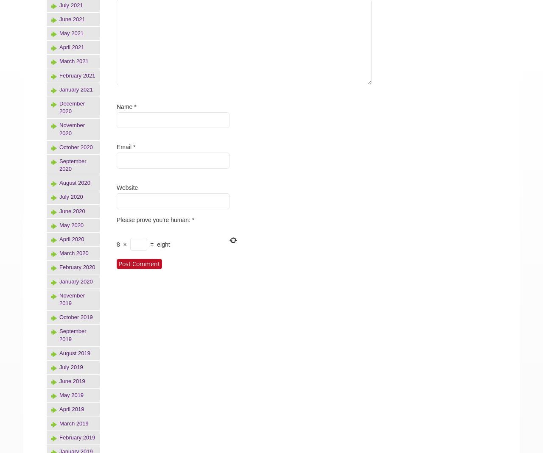 The image size is (543, 453). What do you see at coordinates (77, 75) in the screenshot?
I see `'February 2021'` at bounding box center [77, 75].